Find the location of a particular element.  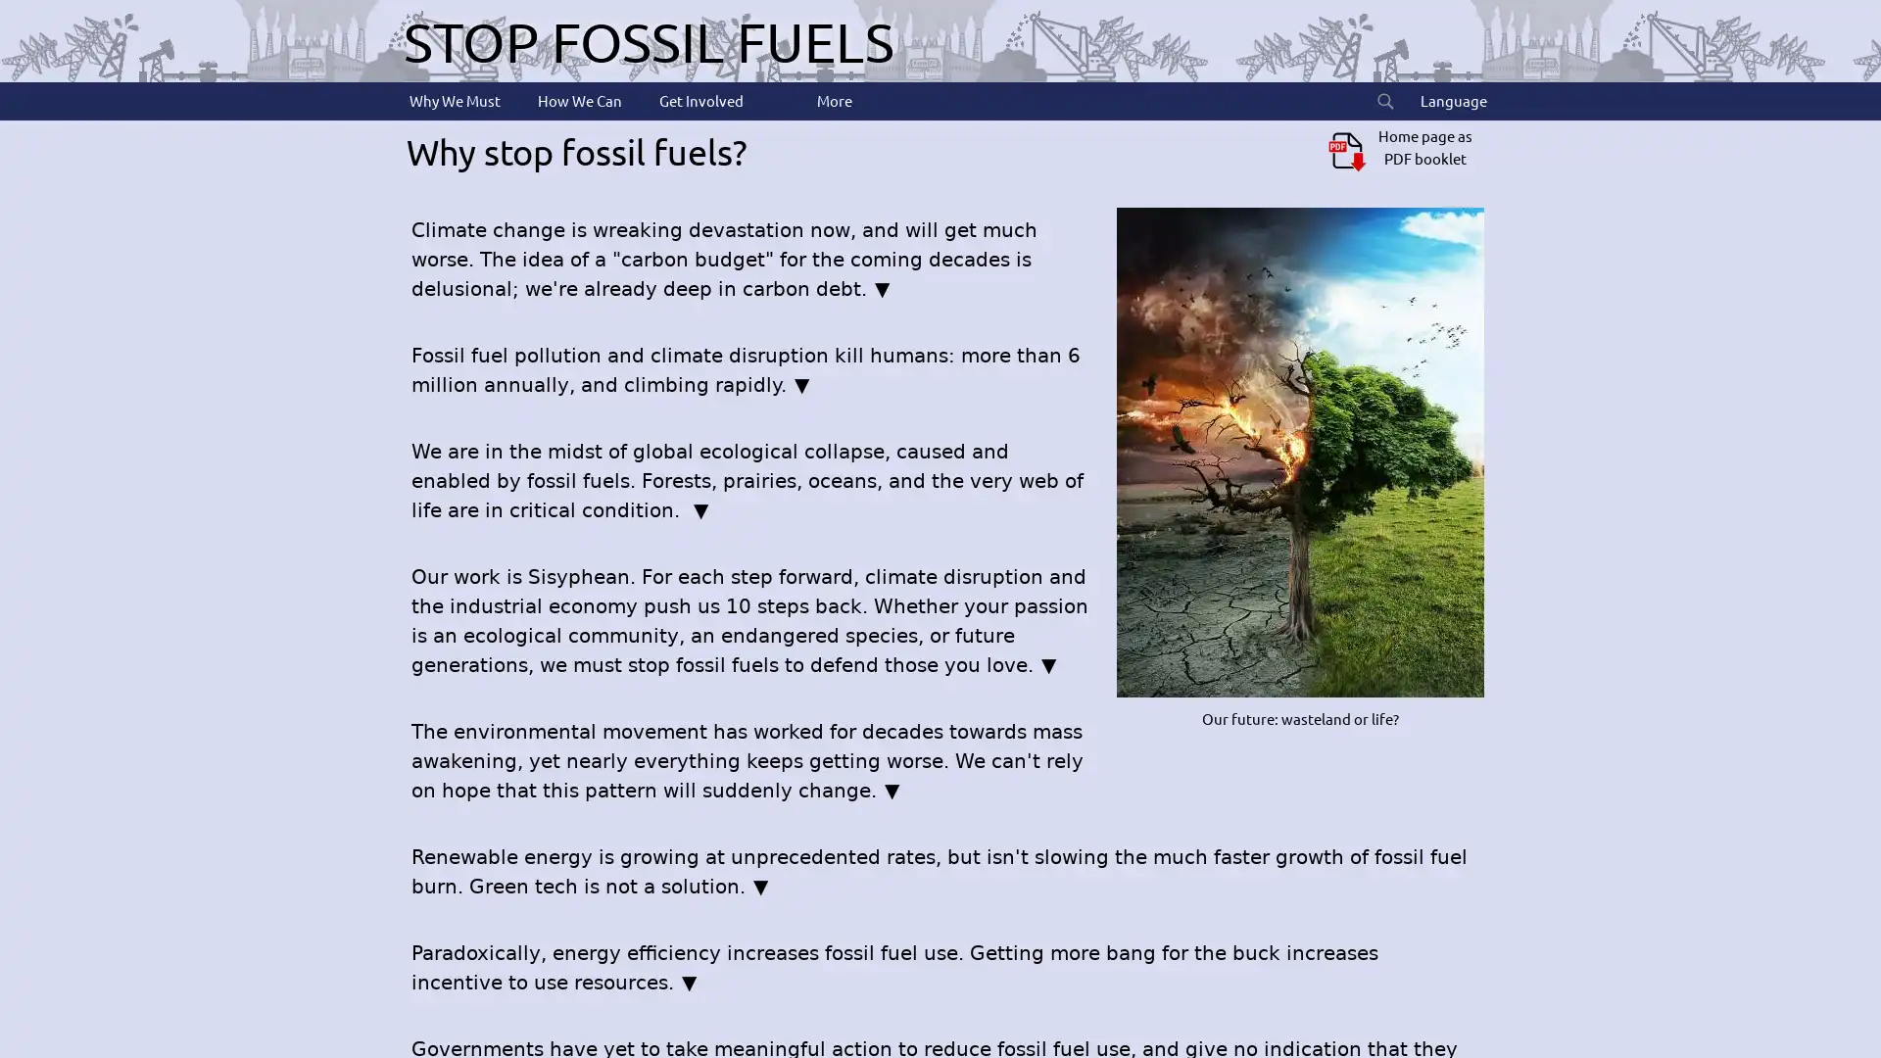

Language is located at coordinates (1451, 101).